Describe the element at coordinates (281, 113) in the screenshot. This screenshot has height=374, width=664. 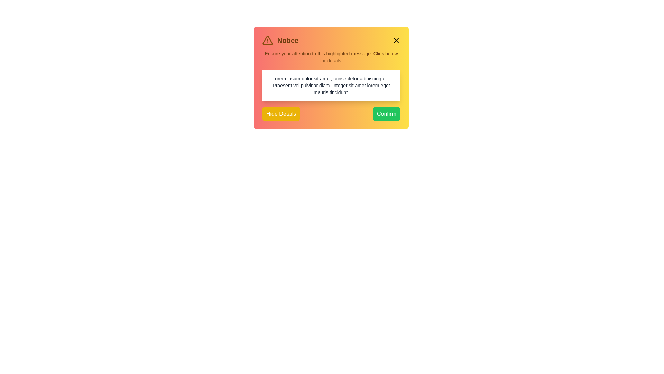
I see `the button labeled Hide Details` at that location.